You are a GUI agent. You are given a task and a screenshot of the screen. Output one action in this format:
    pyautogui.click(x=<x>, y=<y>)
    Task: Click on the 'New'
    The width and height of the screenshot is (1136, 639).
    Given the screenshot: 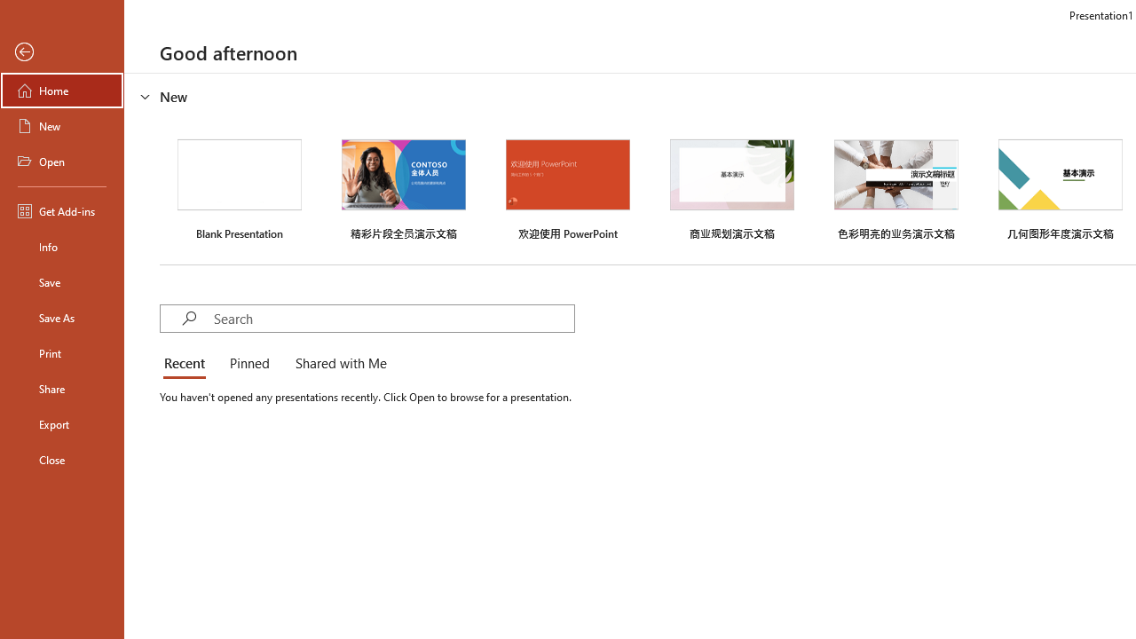 What is the action you would take?
    pyautogui.click(x=61, y=124)
    